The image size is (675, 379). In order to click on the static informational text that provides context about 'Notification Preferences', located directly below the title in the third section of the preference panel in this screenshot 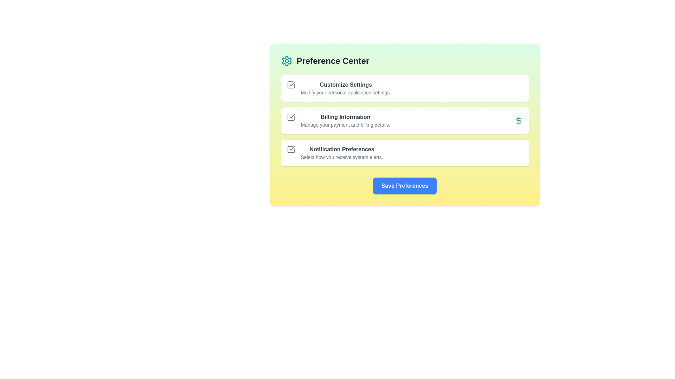, I will do `click(342, 157)`.